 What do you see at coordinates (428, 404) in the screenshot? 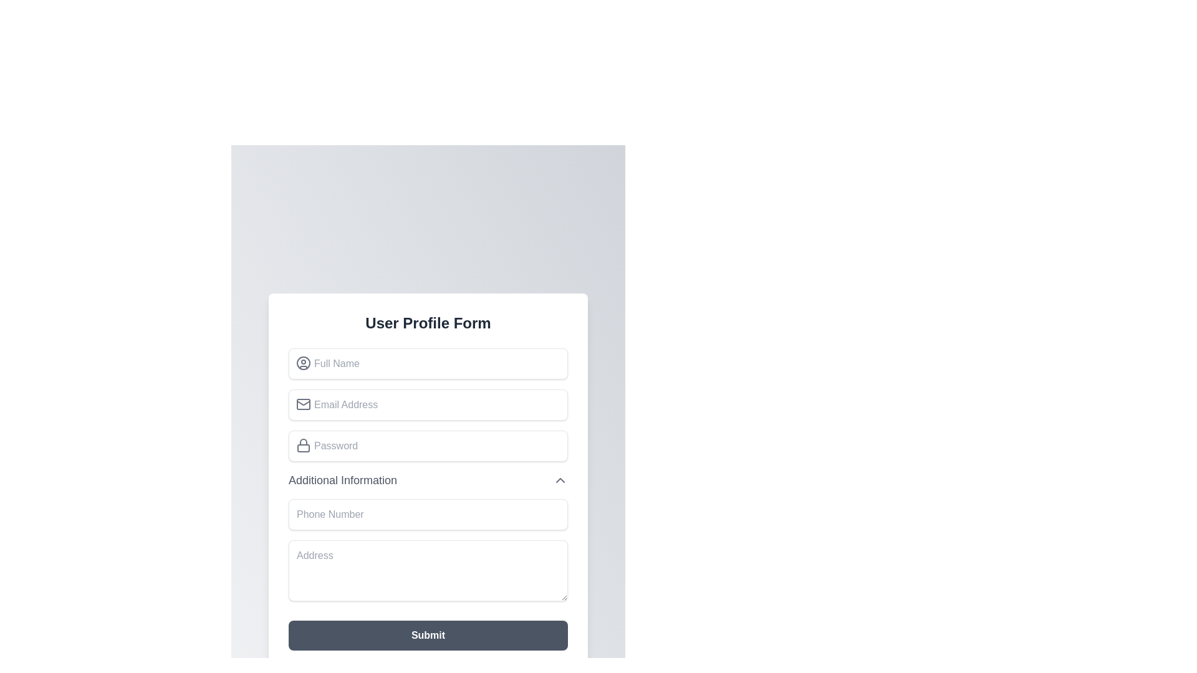
I see `the email input field located below the 'Full Name' field and above the 'Password' field` at bounding box center [428, 404].